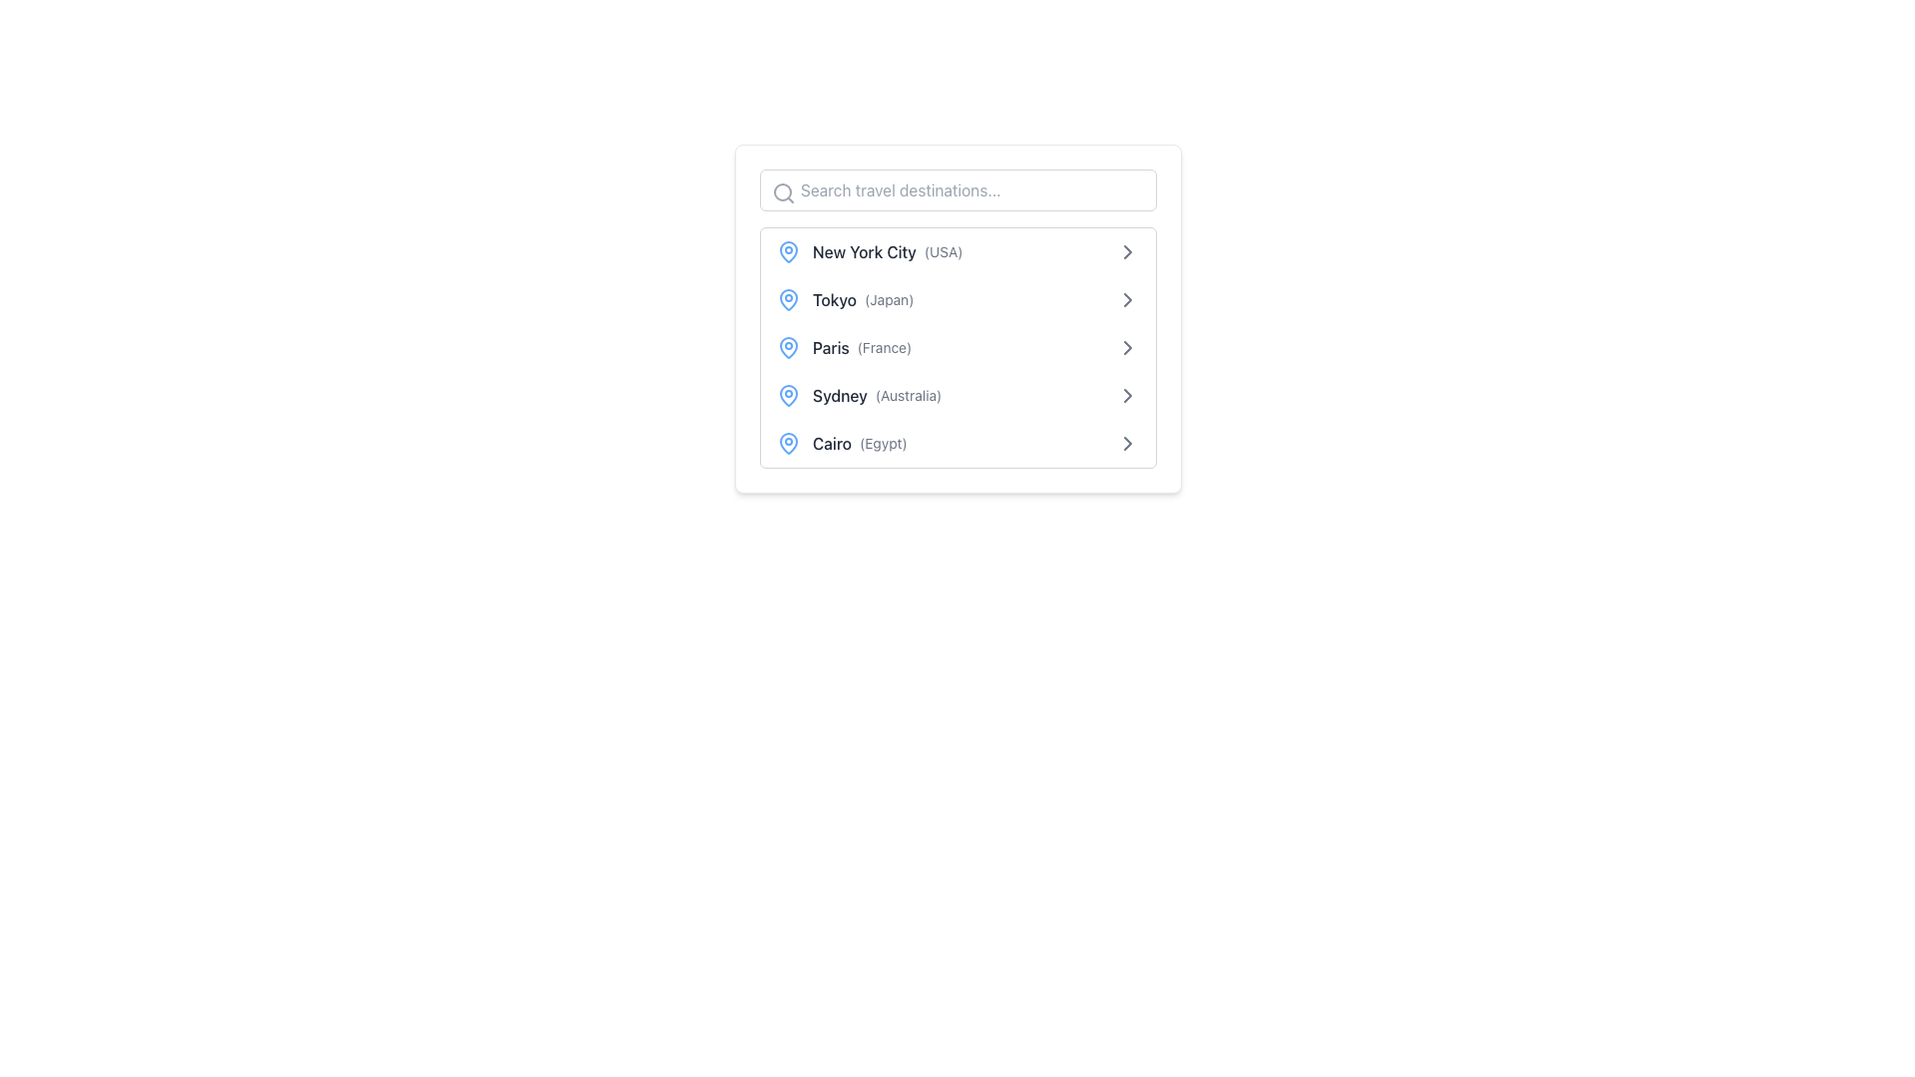 This screenshot has height=1077, width=1915. What do you see at coordinates (957, 346) in the screenshot?
I see `the list item displaying 'Paris (France)'` at bounding box center [957, 346].